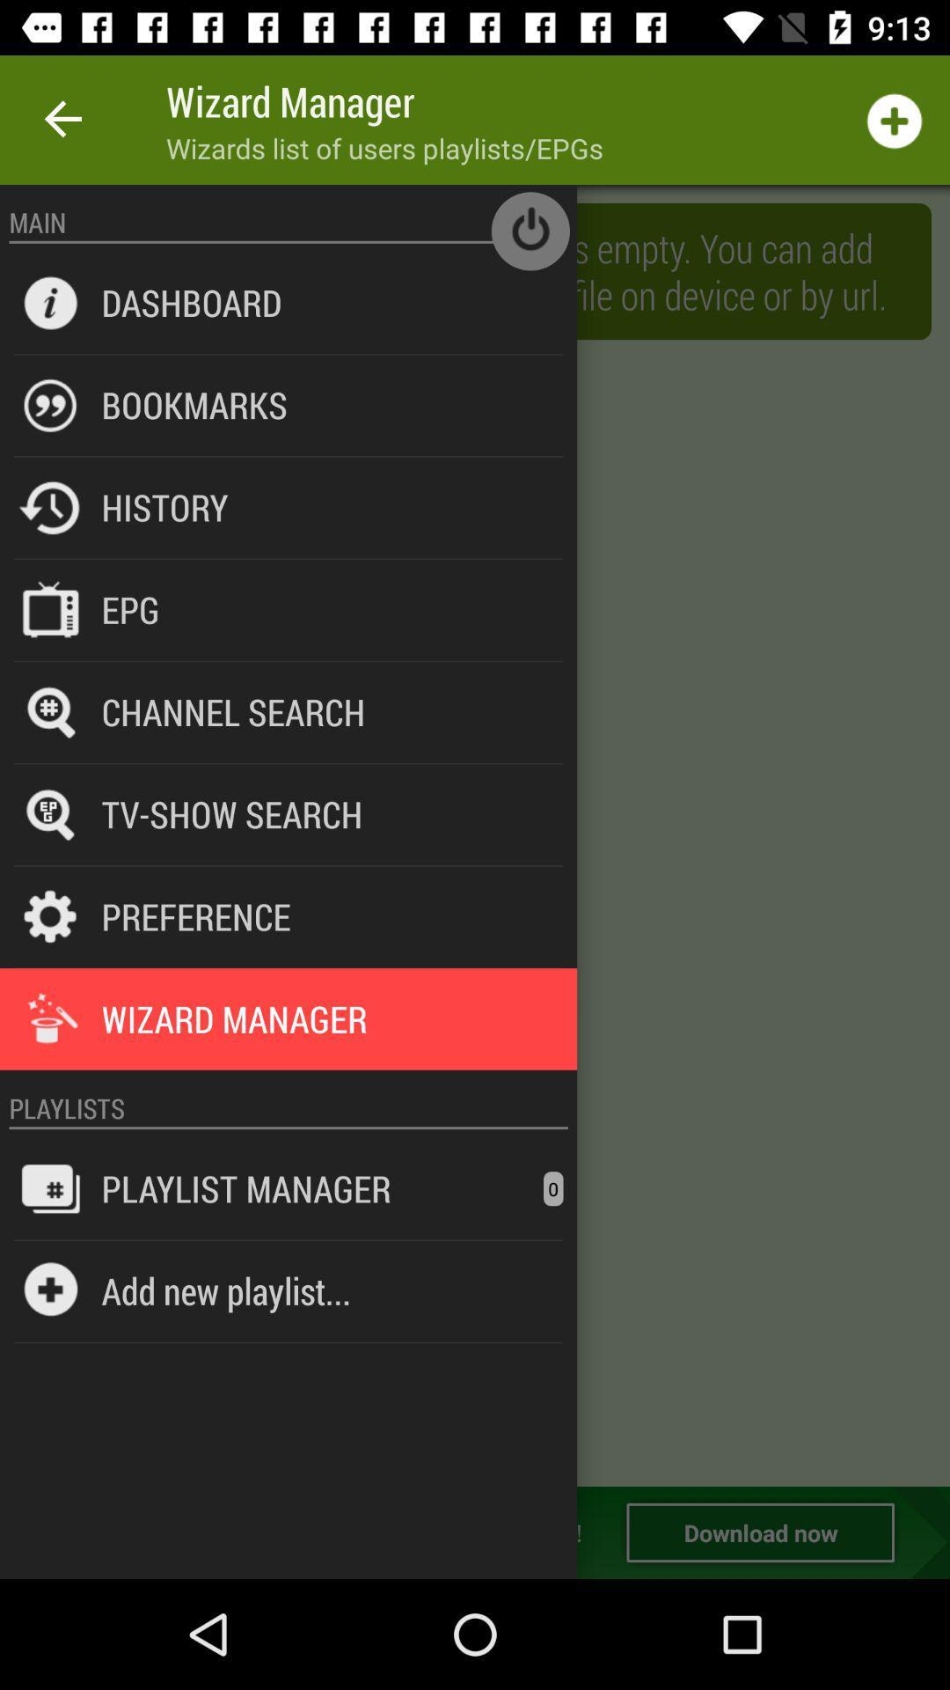 The height and width of the screenshot is (1690, 950). Describe the element at coordinates (63, 119) in the screenshot. I see `the icon next to the wizard manager` at that location.